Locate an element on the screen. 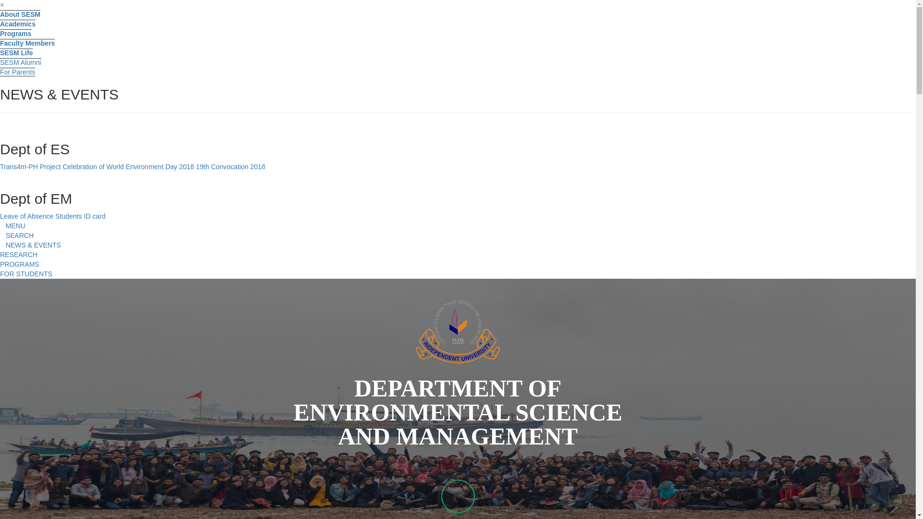  '19th Convocation 2018' is located at coordinates (231, 166).